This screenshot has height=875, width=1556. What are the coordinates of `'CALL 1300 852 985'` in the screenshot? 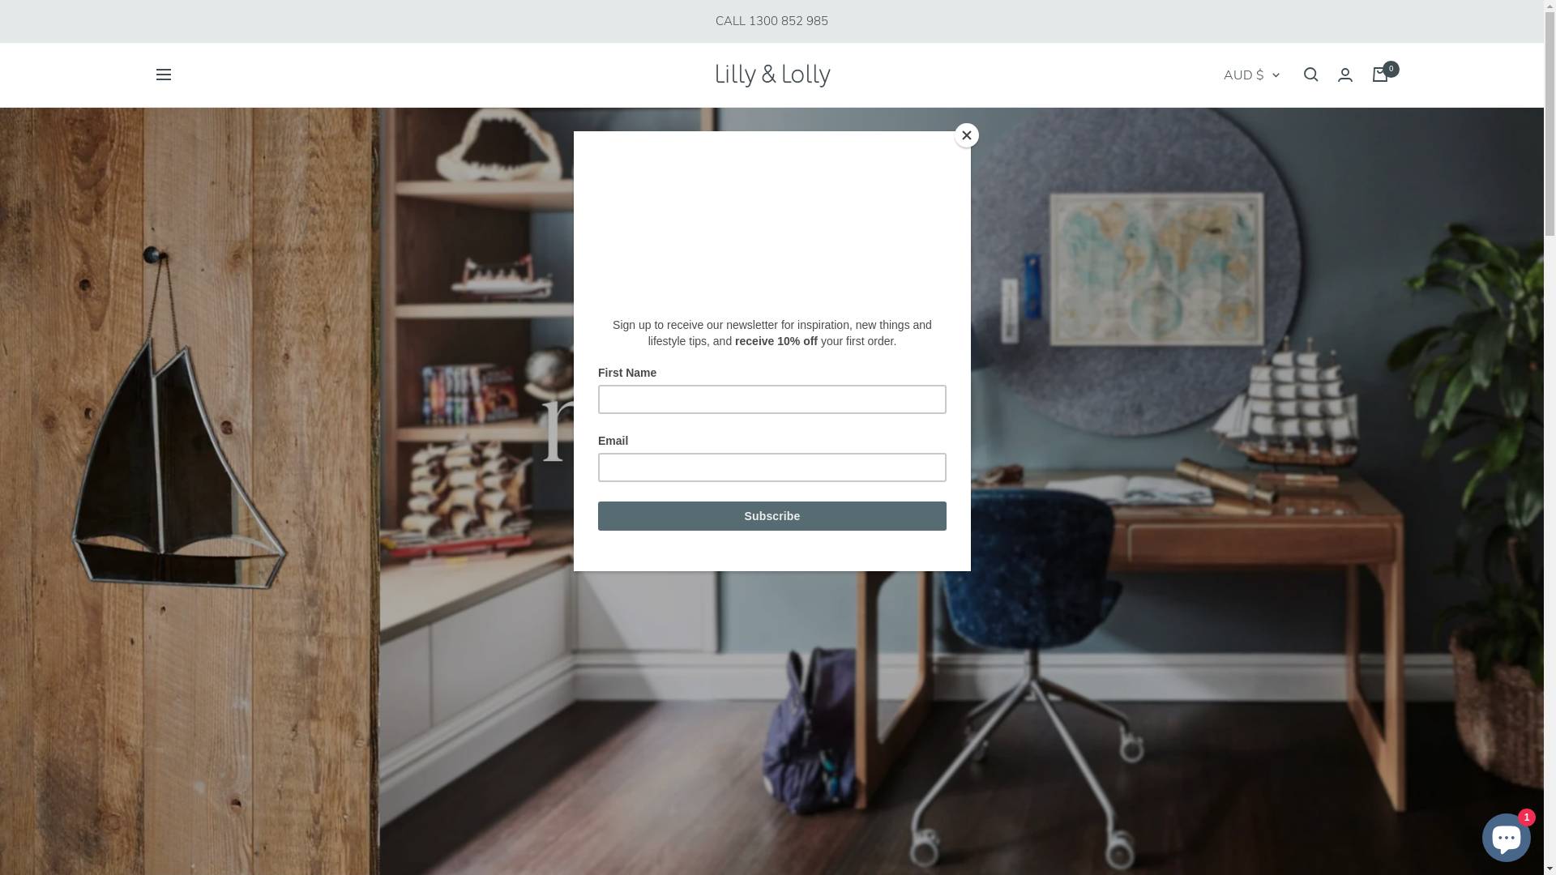 It's located at (771, 21).